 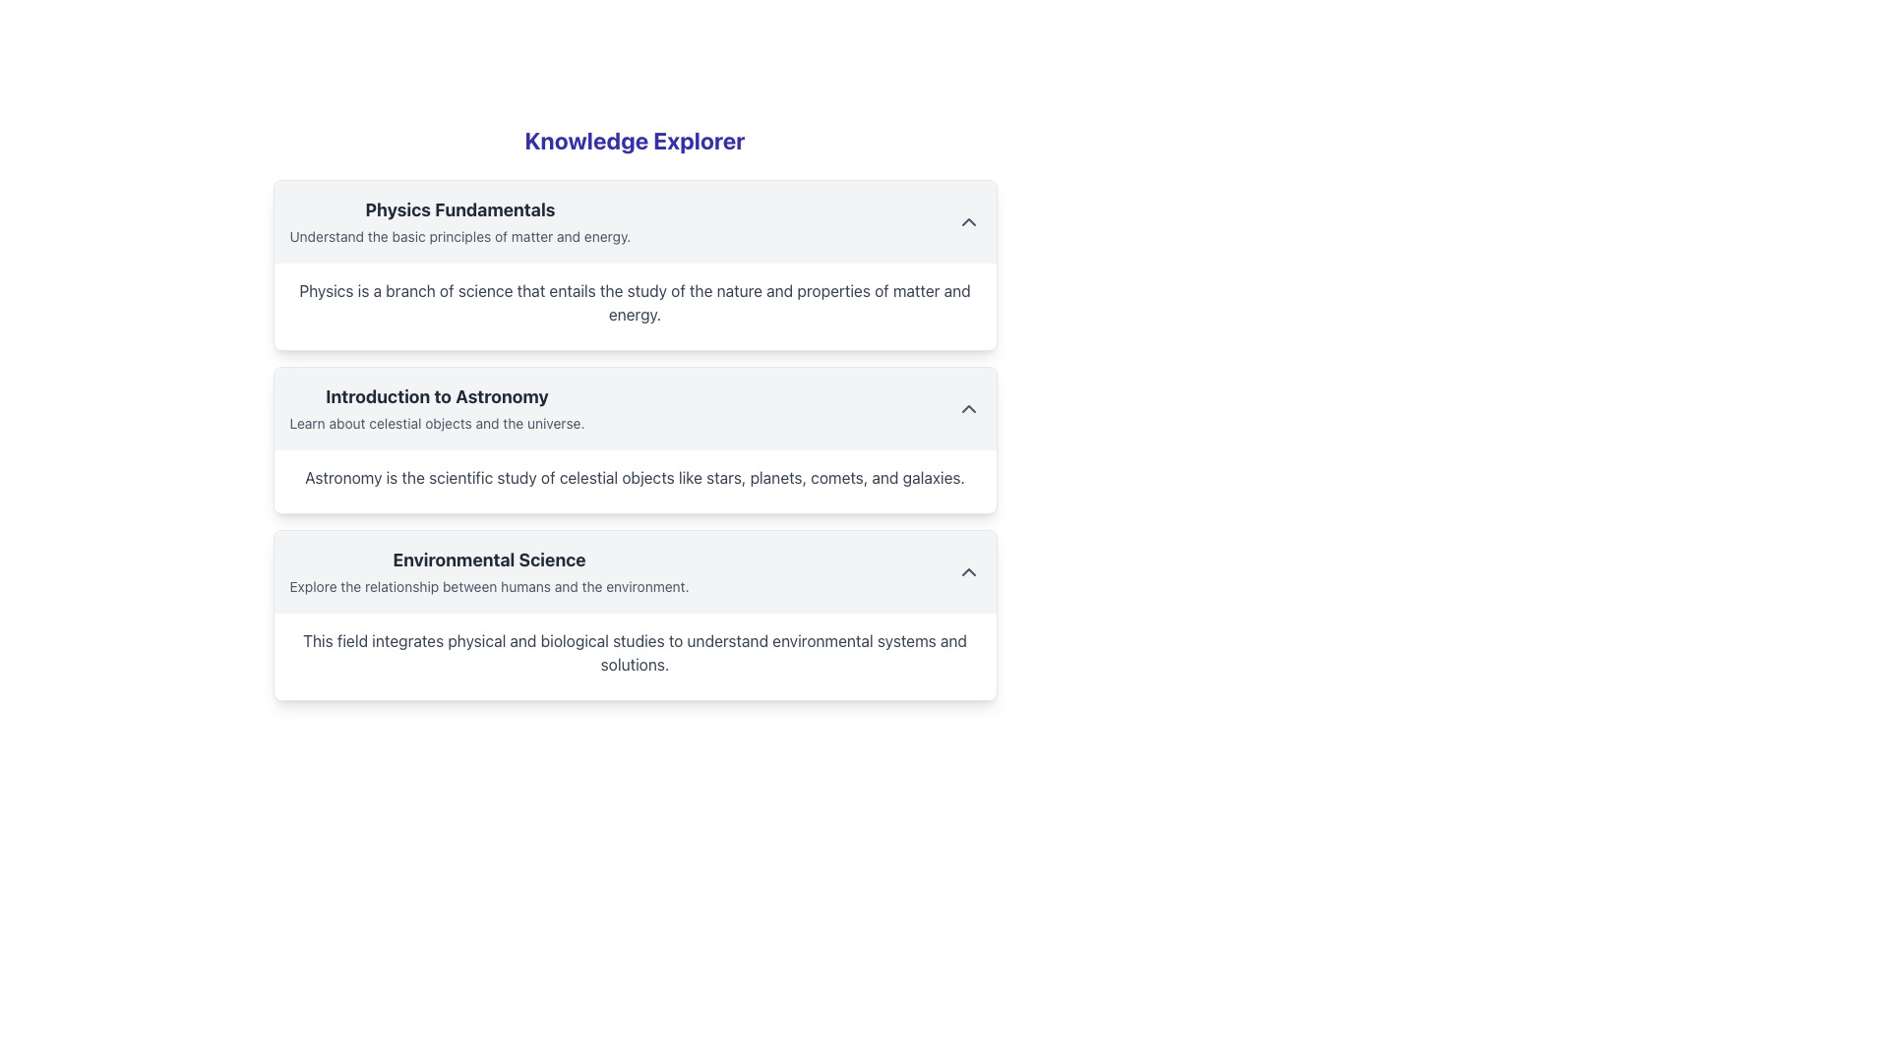 I want to click on the title 'Physics Fundamentals', so click(x=458, y=221).